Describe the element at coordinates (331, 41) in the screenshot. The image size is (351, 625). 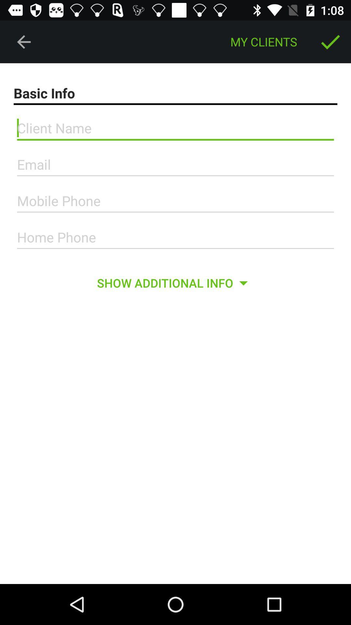
I see `icon to the right of the my clients` at that location.